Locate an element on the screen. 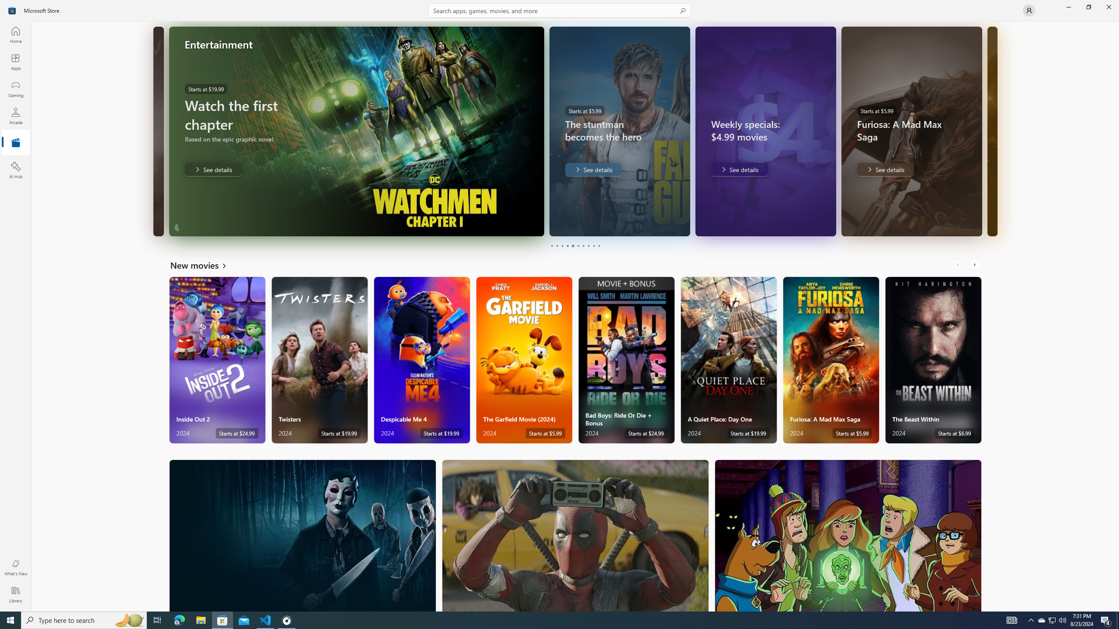 The image size is (1119, 629). 'Page 3' is located at coordinates (562, 245).